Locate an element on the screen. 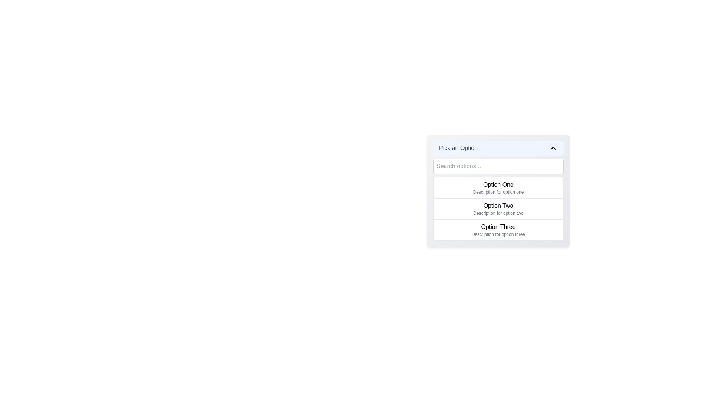 The image size is (712, 400). the list item with the text 'Option Three' which is the third option in the vertical list under the heading 'Pick an Option.' is located at coordinates (498, 229).